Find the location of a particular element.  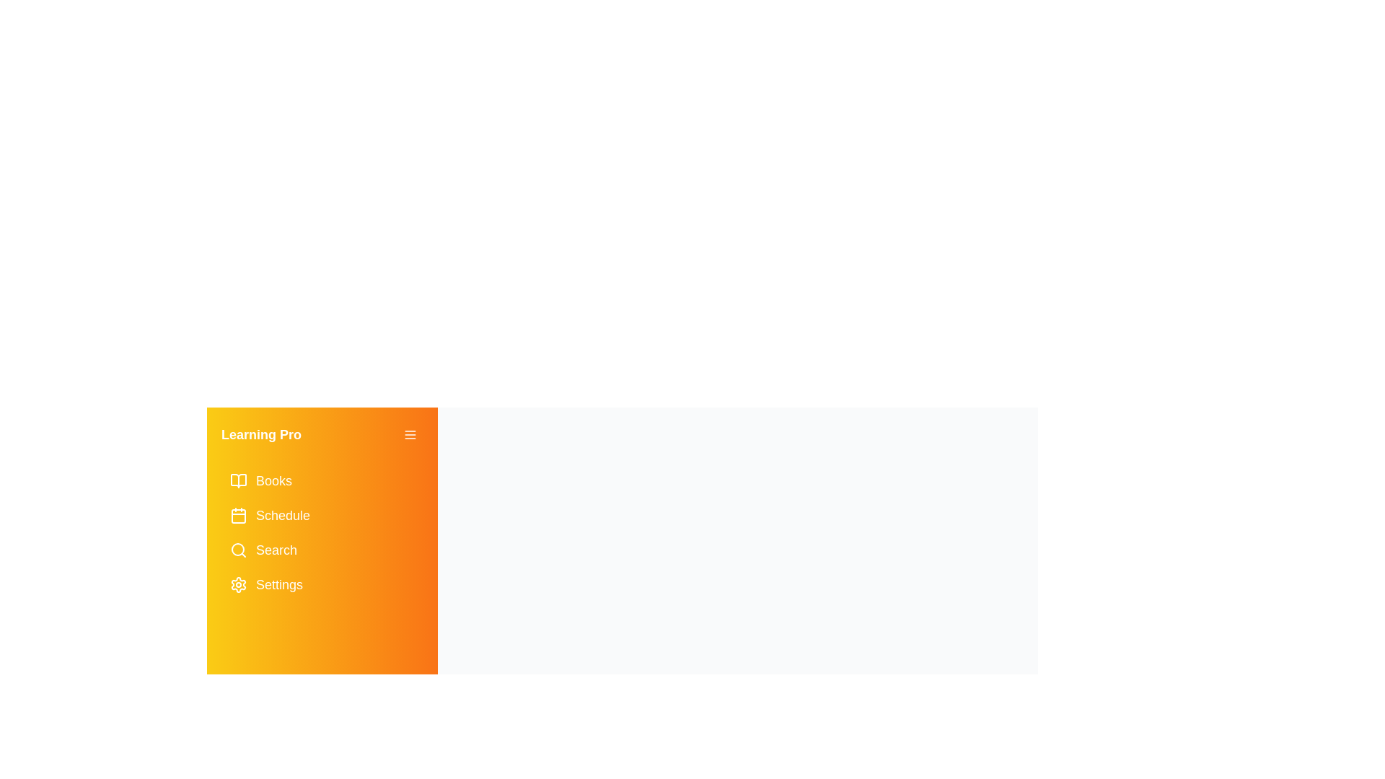

the menu button to toggle the drawer is located at coordinates (410, 433).